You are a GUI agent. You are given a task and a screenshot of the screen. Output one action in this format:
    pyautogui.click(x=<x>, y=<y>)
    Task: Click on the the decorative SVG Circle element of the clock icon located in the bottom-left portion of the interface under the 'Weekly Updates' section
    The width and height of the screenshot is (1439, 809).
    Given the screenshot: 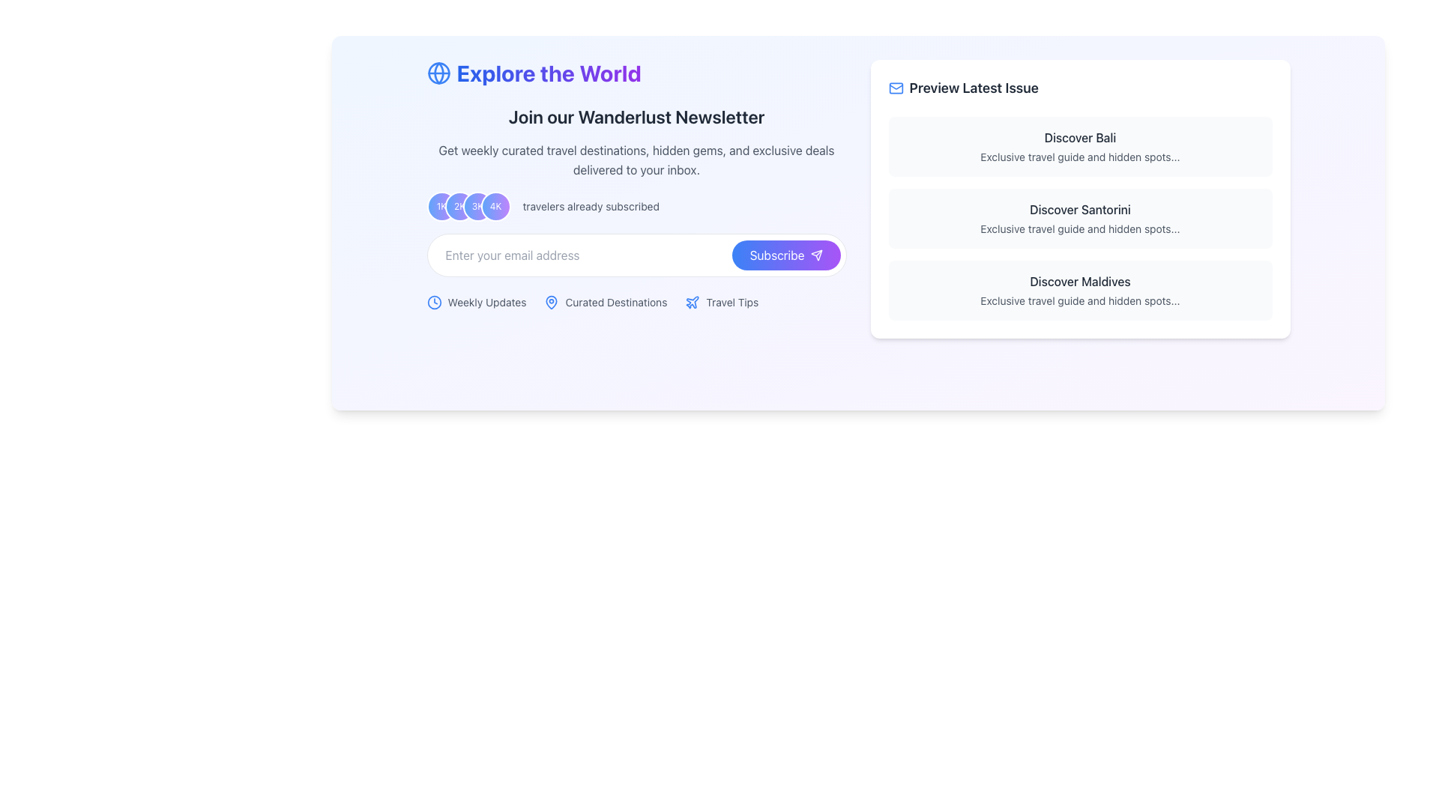 What is the action you would take?
    pyautogui.click(x=433, y=303)
    